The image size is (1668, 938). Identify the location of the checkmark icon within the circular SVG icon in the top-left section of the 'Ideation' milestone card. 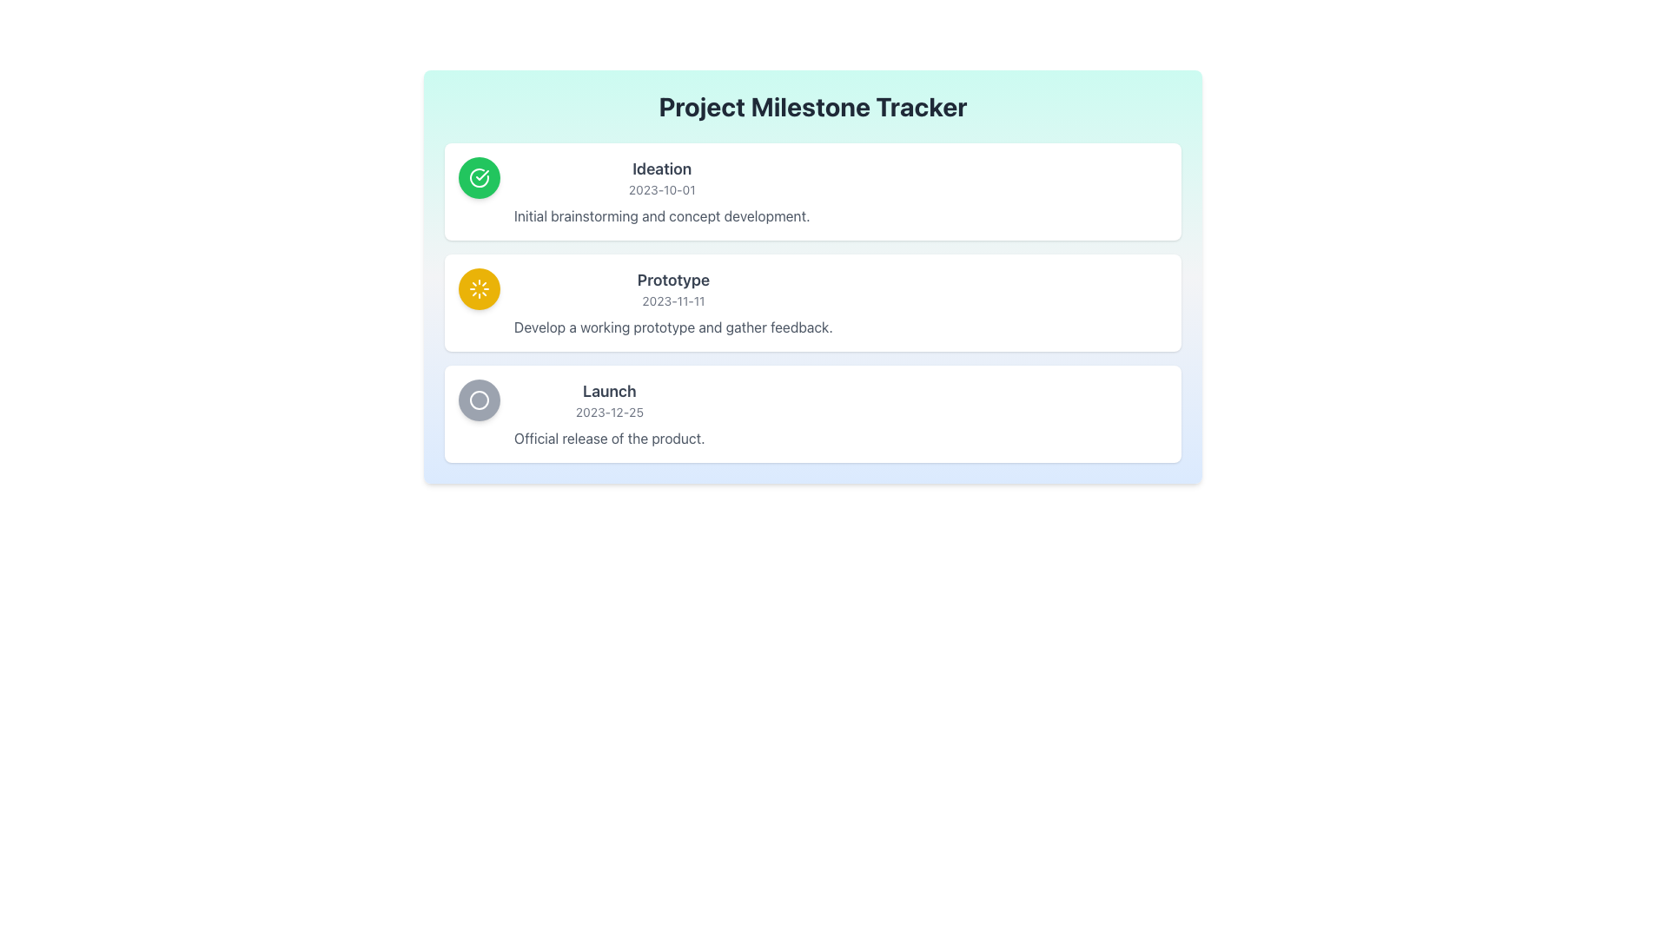
(482, 175).